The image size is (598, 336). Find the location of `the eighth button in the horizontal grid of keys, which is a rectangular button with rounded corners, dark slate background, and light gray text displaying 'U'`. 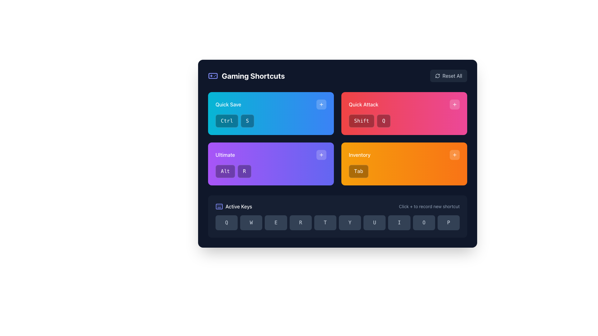

the eighth button in the horizontal grid of keys, which is a rectangular button with rounded corners, dark slate background, and light gray text displaying 'U' is located at coordinates (374, 222).